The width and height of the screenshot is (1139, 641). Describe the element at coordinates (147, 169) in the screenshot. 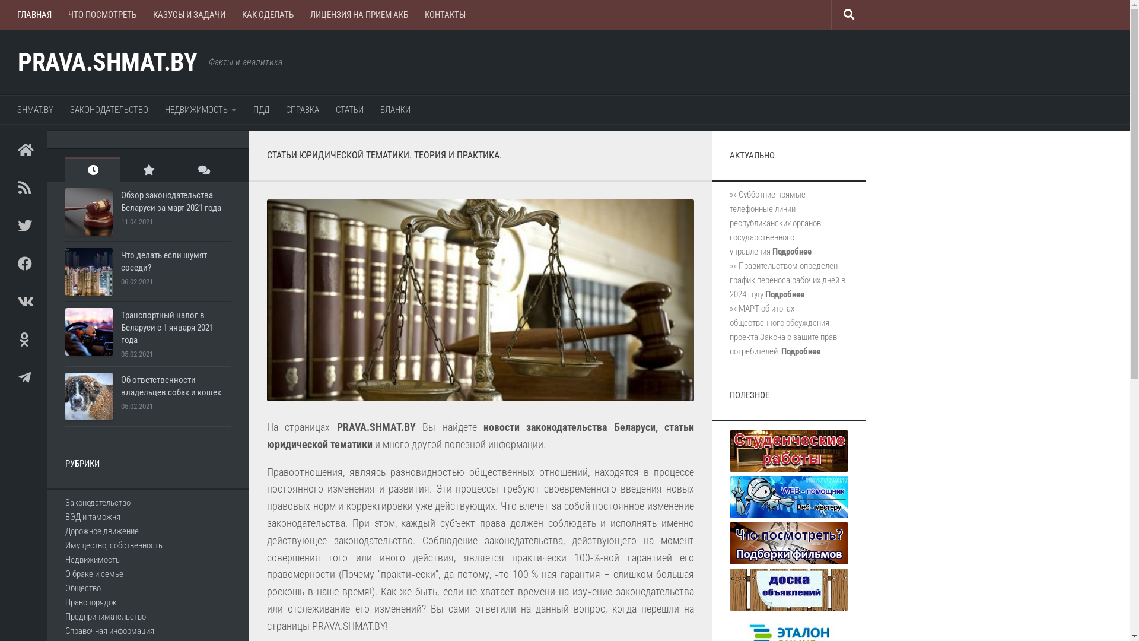

I see `'Popular Posts'` at that location.